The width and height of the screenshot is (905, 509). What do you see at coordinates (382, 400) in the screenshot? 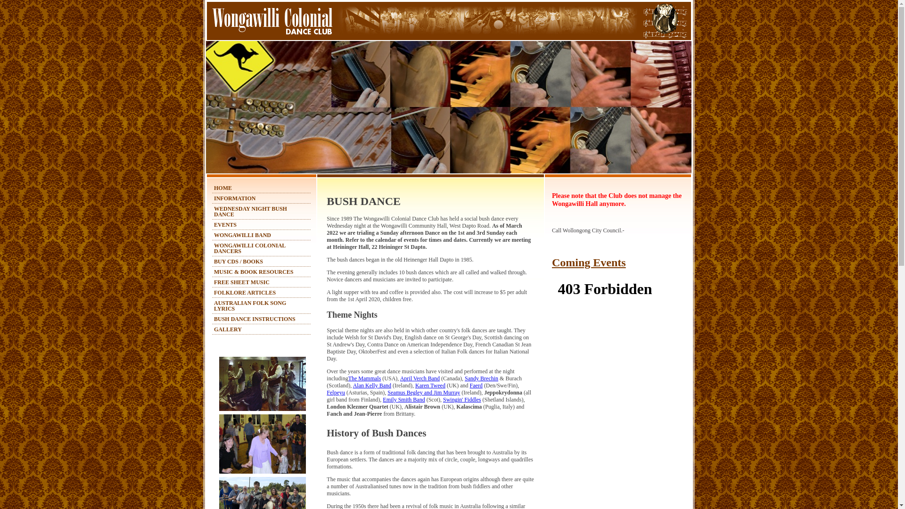
I see `'Emily Smith Band'` at bounding box center [382, 400].